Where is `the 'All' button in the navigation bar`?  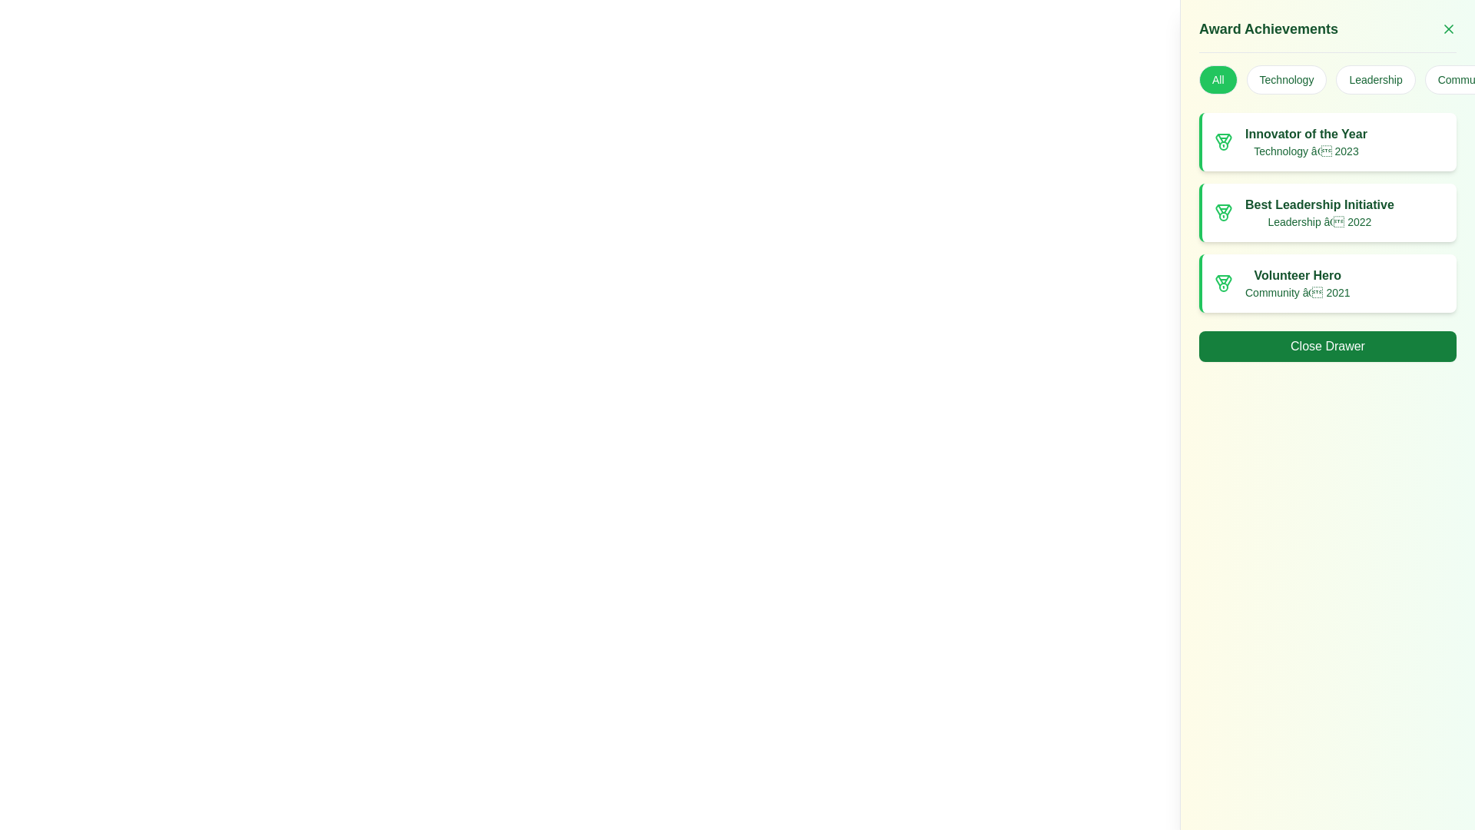 the 'All' button in the navigation bar is located at coordinates (1327, 80).